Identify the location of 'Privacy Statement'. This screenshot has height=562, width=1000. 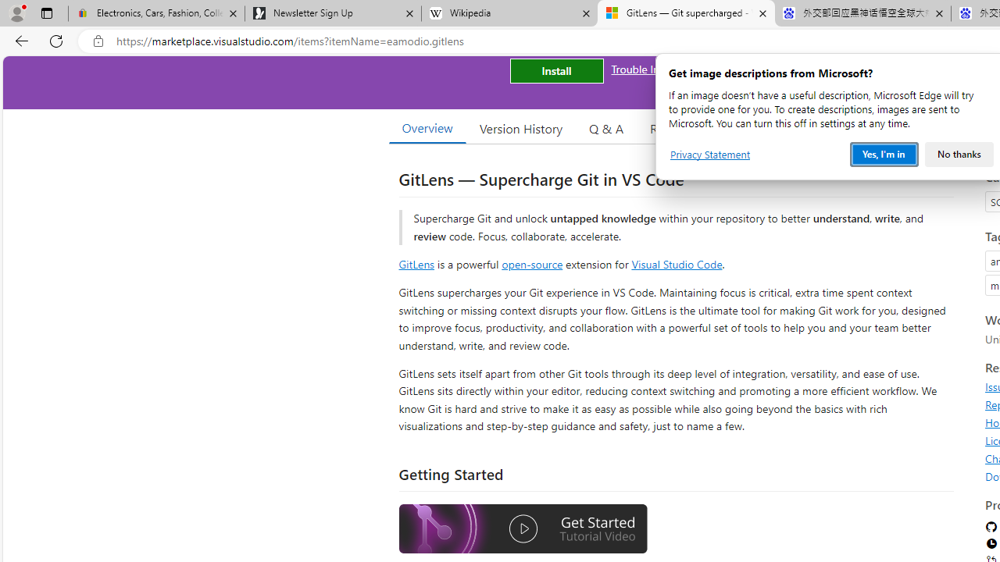
(709, 155).